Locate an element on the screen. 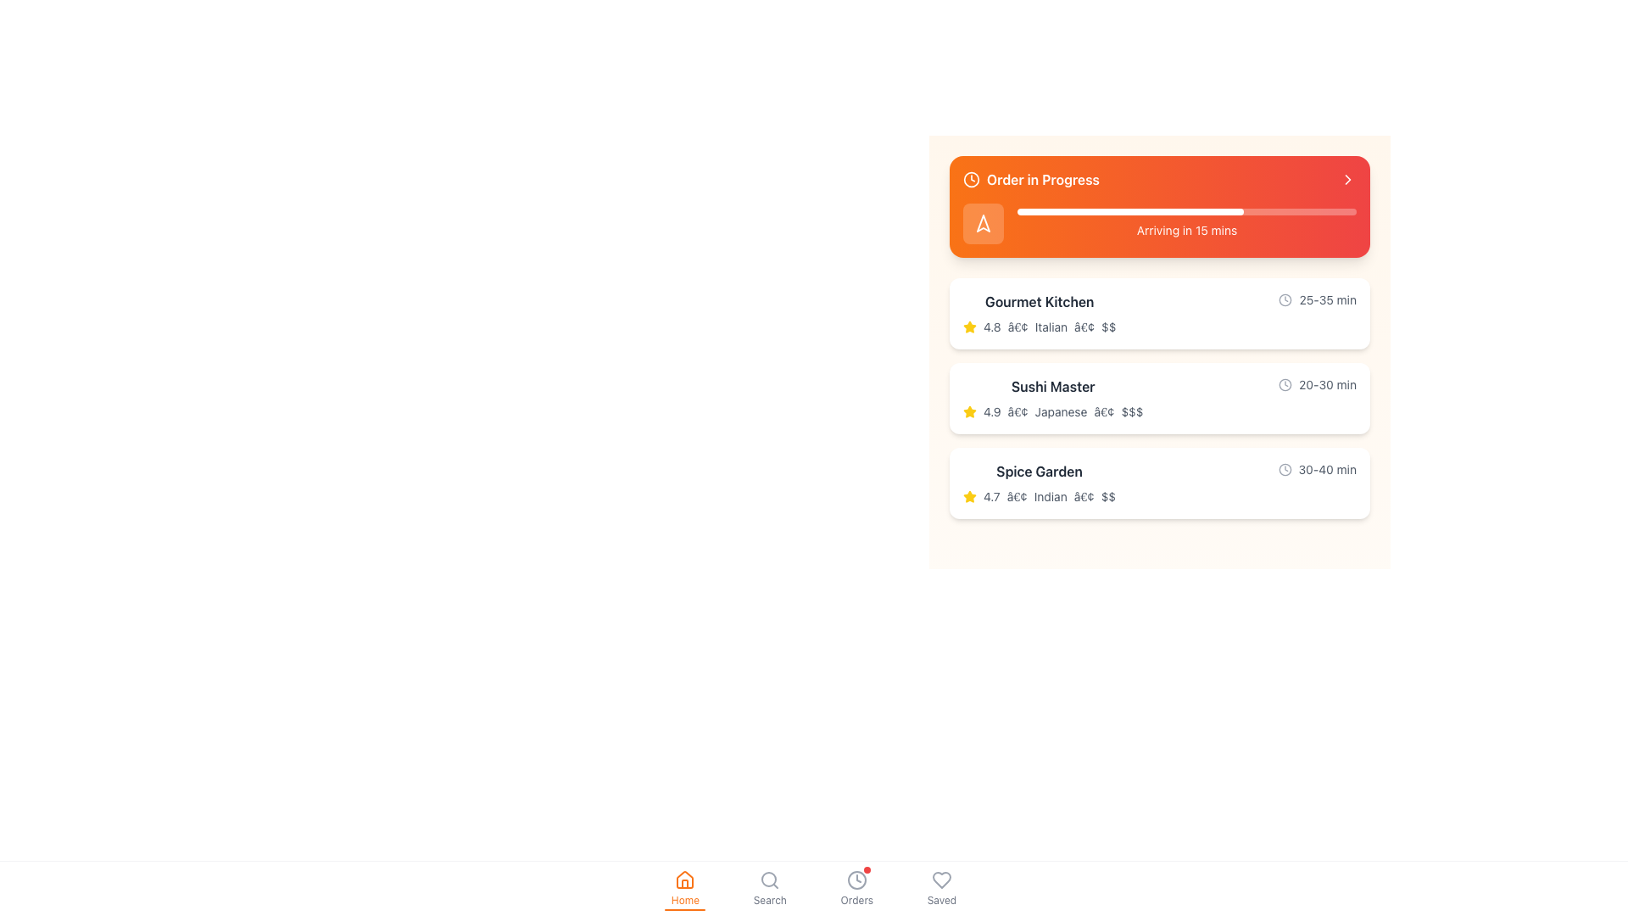 Image resolution: width=1628 pixels, height=916 pixels. the third informational card in the vertical list is located at coordinates (1159, 483).